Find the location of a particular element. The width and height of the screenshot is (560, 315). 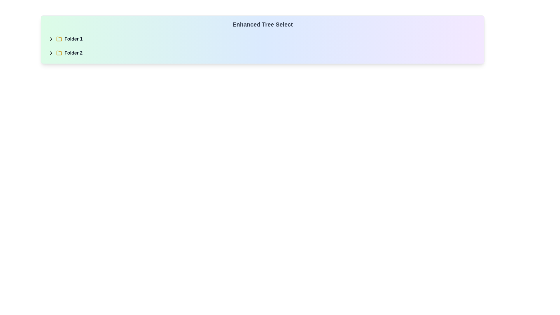

the text label 'Folder 2', which is styled in bold and dark gray is located at coordinates (73, 53).